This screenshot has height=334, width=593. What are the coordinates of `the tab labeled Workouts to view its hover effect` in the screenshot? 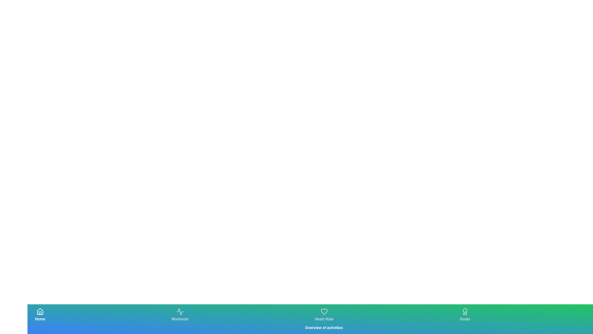 It's located at (180, 315).